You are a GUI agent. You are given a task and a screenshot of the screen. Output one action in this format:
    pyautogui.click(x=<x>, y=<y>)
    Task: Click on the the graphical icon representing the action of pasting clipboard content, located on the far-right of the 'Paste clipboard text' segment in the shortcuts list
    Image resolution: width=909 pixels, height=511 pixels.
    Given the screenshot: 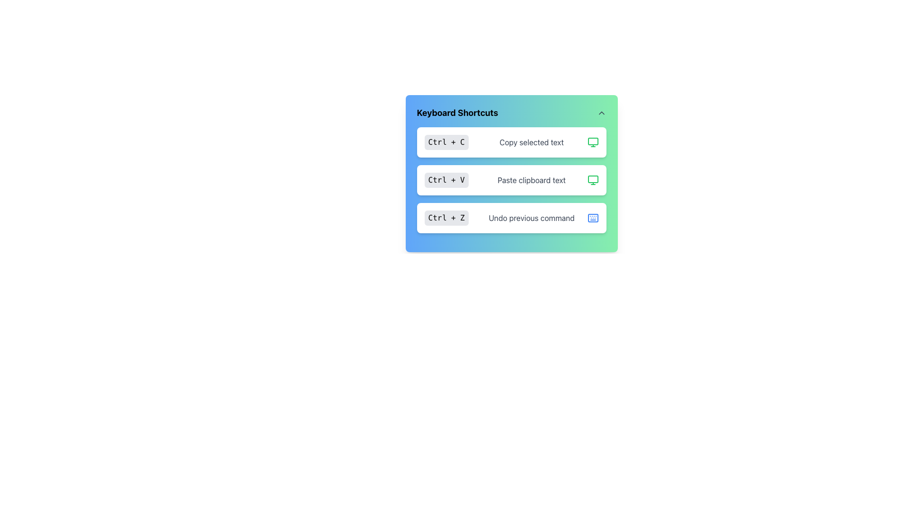 What is the action you would take?
    pyautogui.click(x=592, y=180)
    